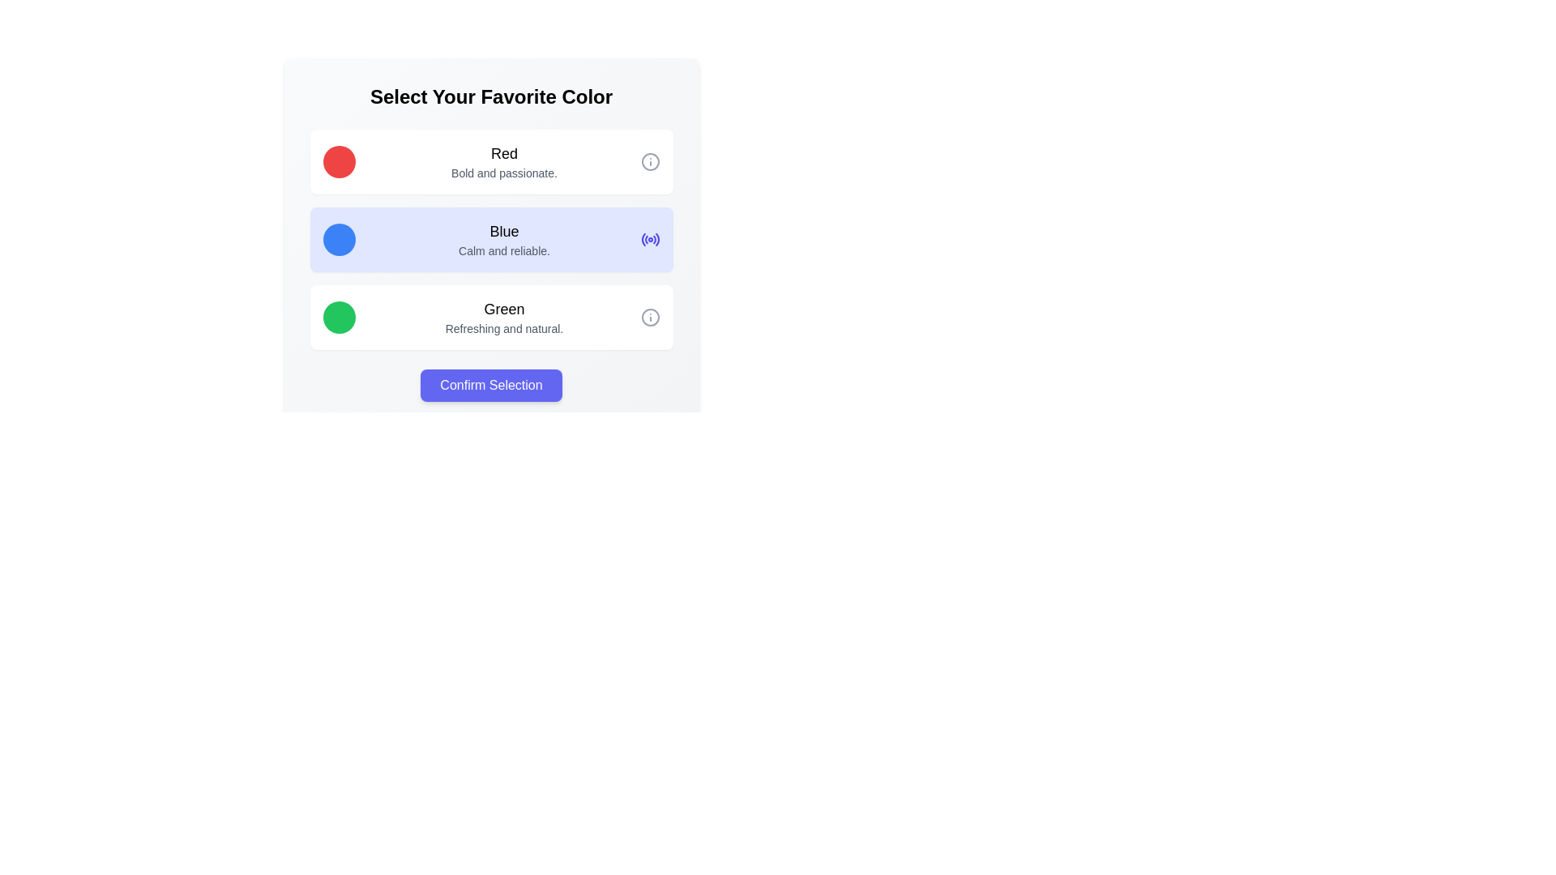 This screenshot has height=875, width=1556. Describe the element at coordinates (503, 173) in the screenshot. I see `descriptive text element located directly below the heading labeled 'Red', which provides additional information about the 'Red' option` at that location.